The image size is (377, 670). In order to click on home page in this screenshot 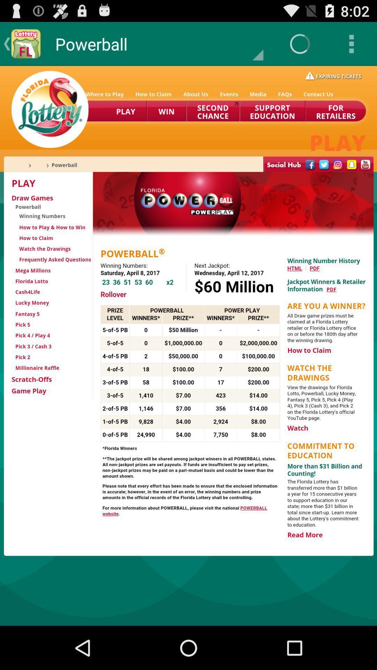, I will do `click(188, 345)`.